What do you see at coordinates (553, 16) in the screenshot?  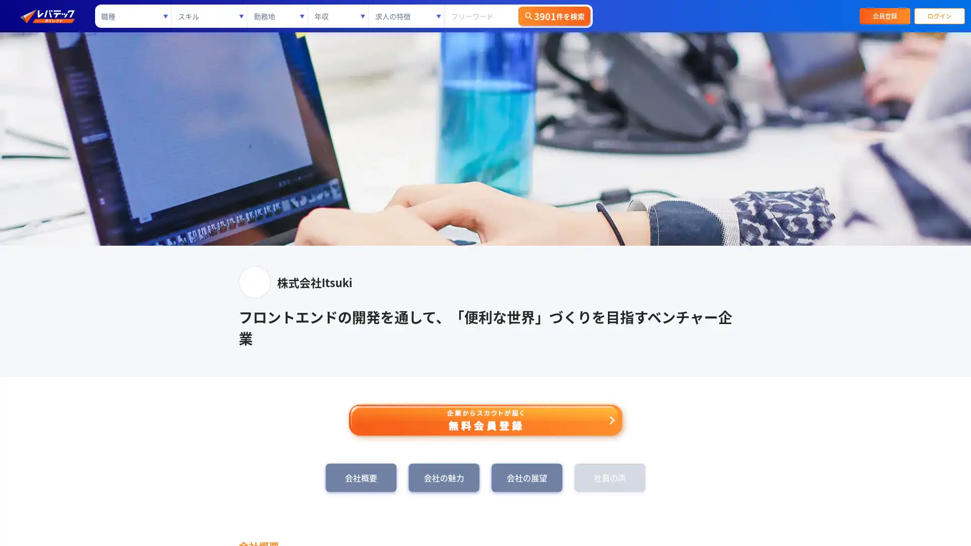 I see `3901` at bounding box center [553, 16].